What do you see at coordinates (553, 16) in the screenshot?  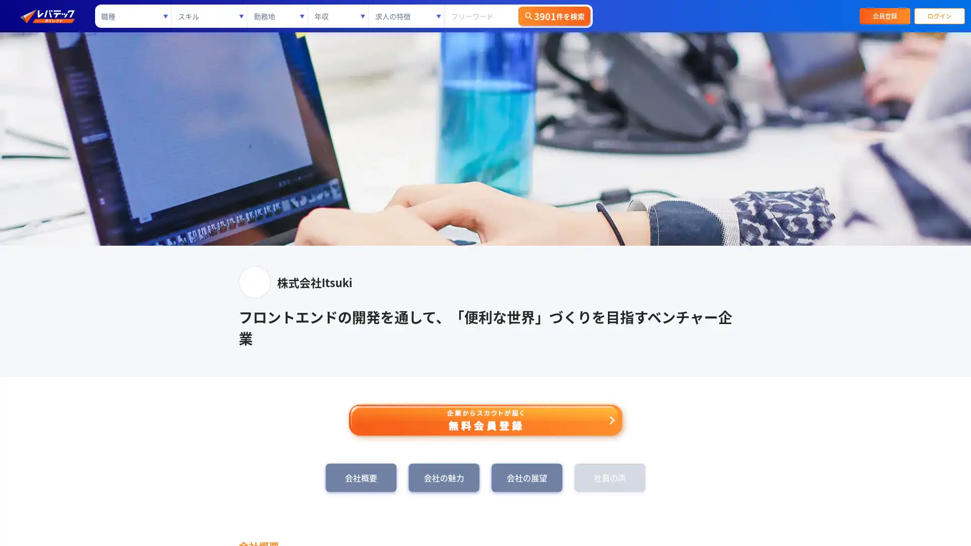 I see `3901` at bounding box center [553, 16].